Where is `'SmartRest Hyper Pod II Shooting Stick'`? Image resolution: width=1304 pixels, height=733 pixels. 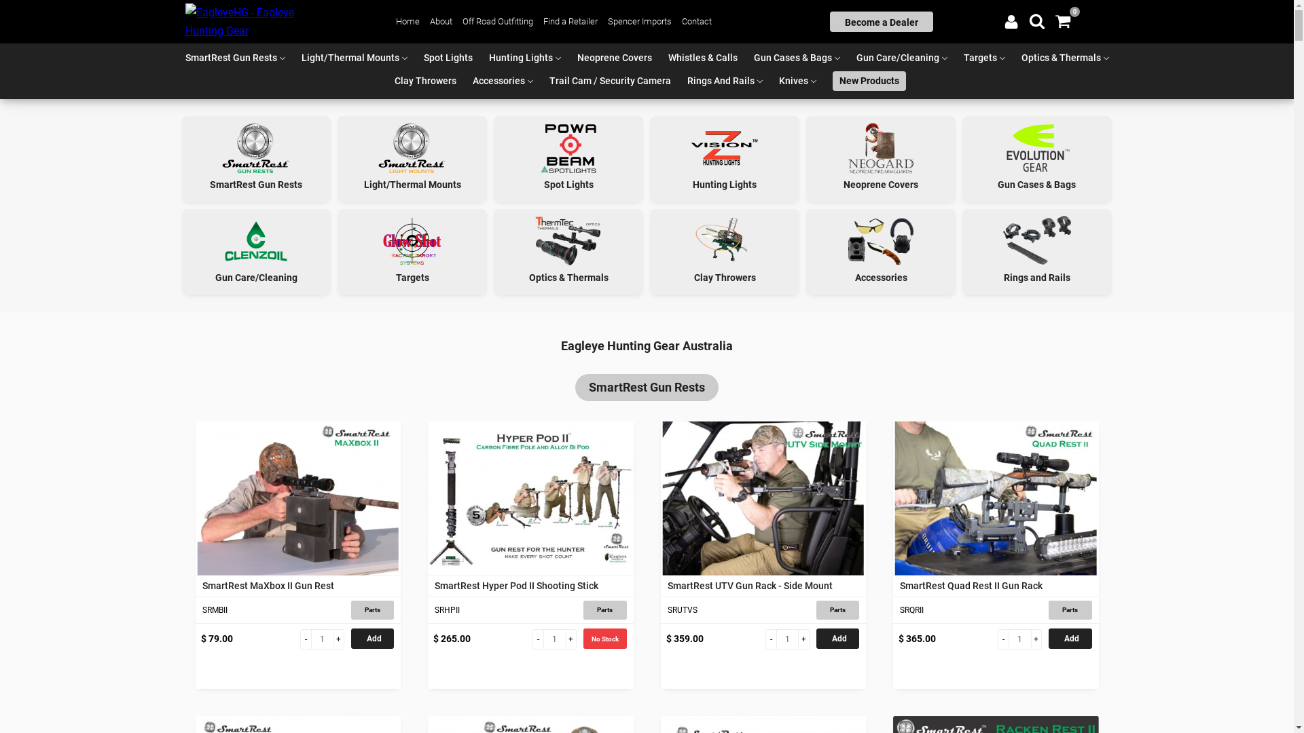
'SmartRest Hyper Pod II Shooting Stick' is located at coordinates (530, 585).